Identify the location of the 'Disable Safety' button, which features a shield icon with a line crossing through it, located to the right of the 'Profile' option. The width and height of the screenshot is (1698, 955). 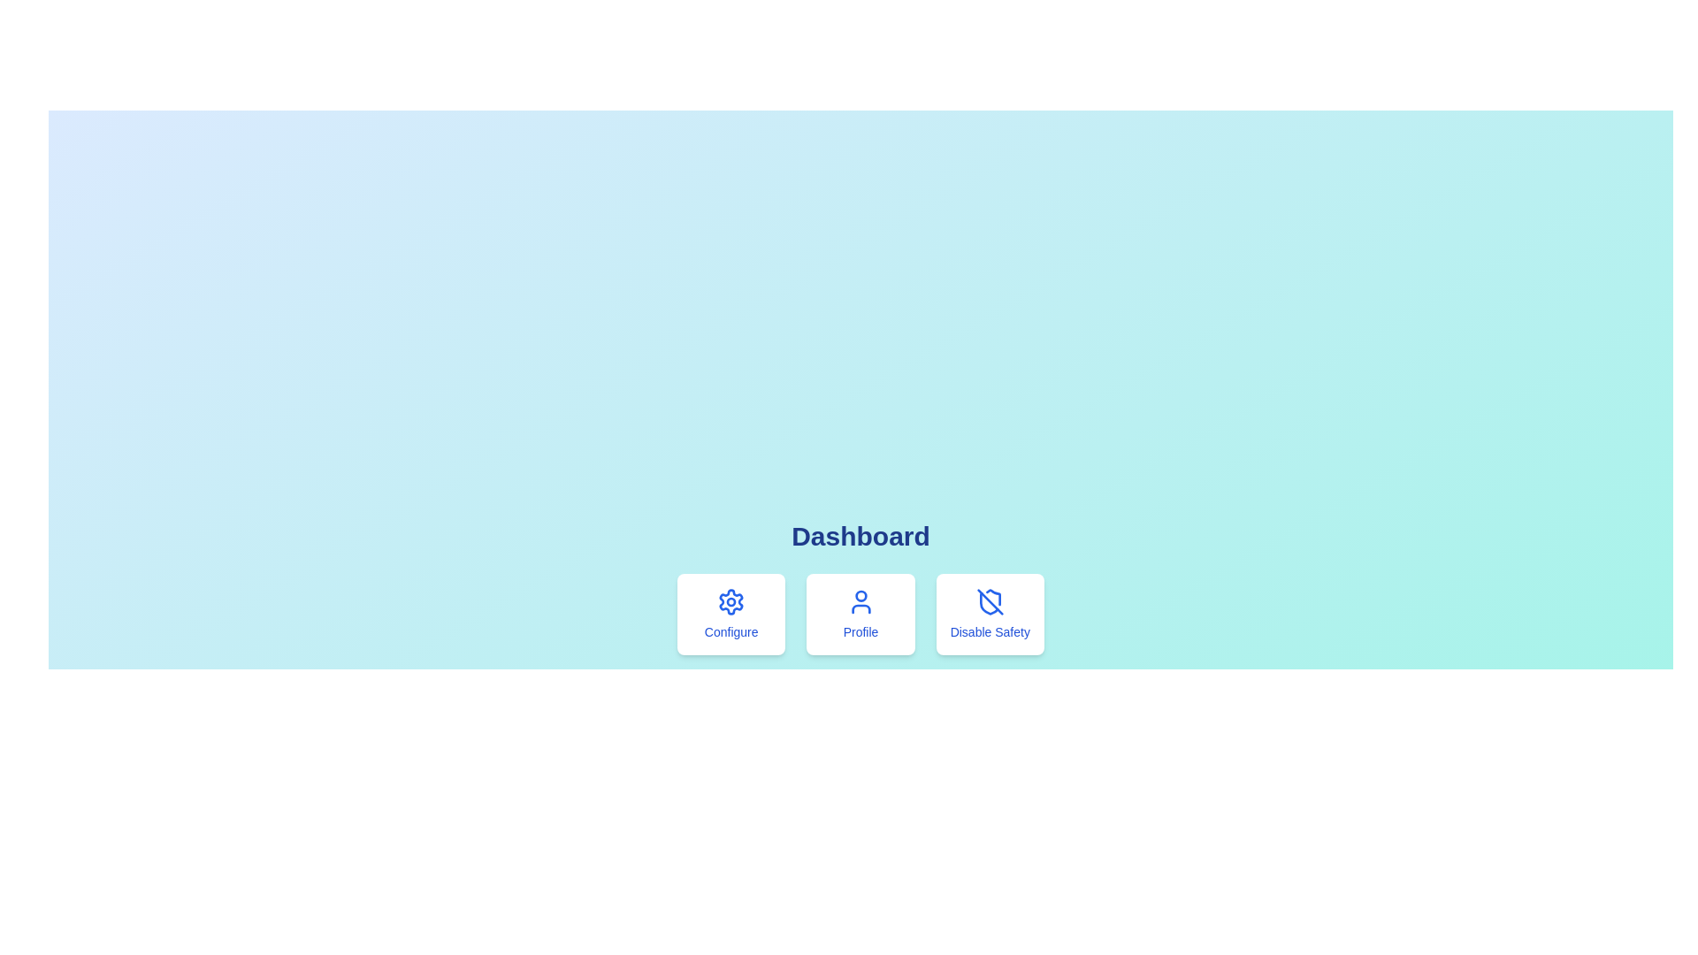
(989, 613).